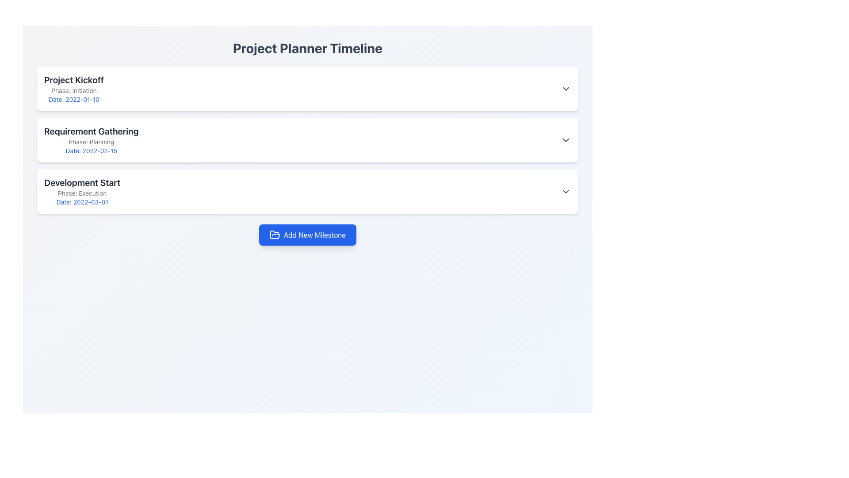 The height and width of the screenshot is (478, 849). What do you see at coordinates (566, 89) in the screenshot?
I see `the Dropdown toggle button (chevron icon) located on the far right of the row for 'Project Kickoff'` at bounding box center [566, 89].